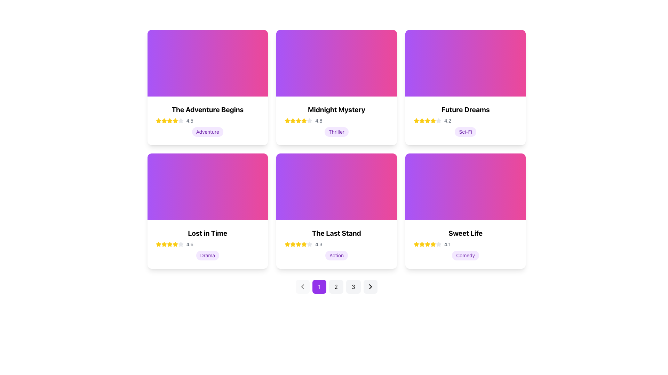 The width and height of the screenshot is (668, 375). I want to click on the pagination control's previous page button with an arrow icon to change its background color, so click(303, 286).